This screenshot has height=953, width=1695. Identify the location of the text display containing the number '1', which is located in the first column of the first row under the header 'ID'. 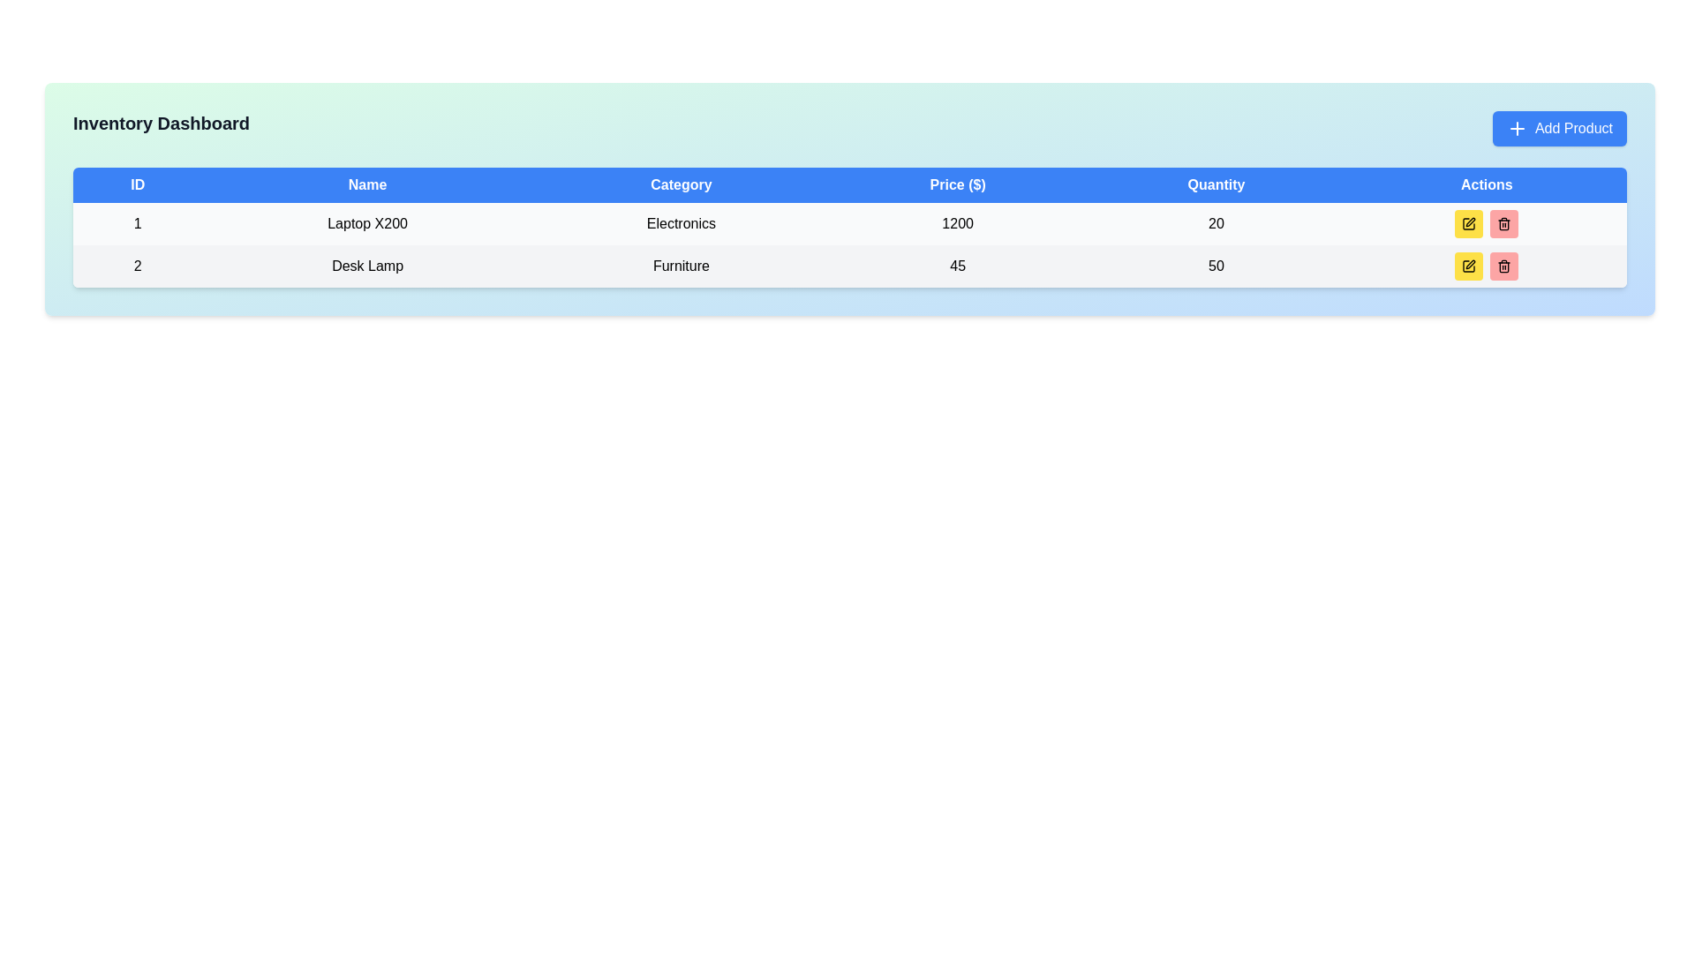
(137, 223).